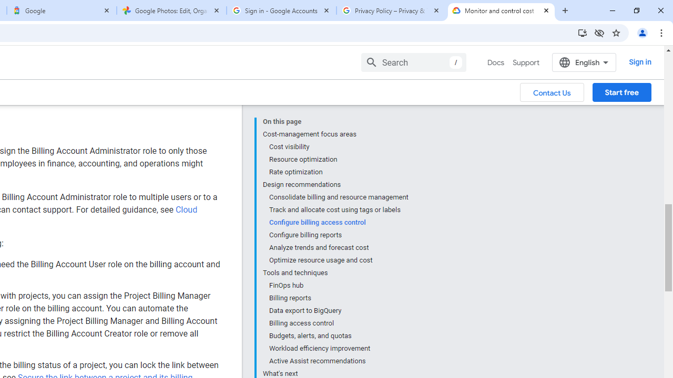 This screenshot has width=673, height=378. Describe the element at coordinates (526, 62) in the screenshot. I see `'Support'` at that location.